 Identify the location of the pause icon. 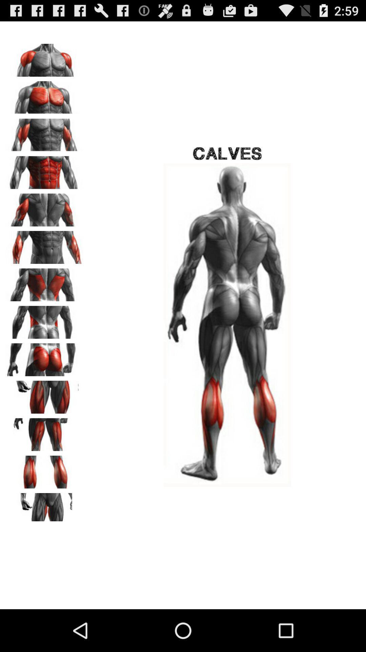
(44, 382).